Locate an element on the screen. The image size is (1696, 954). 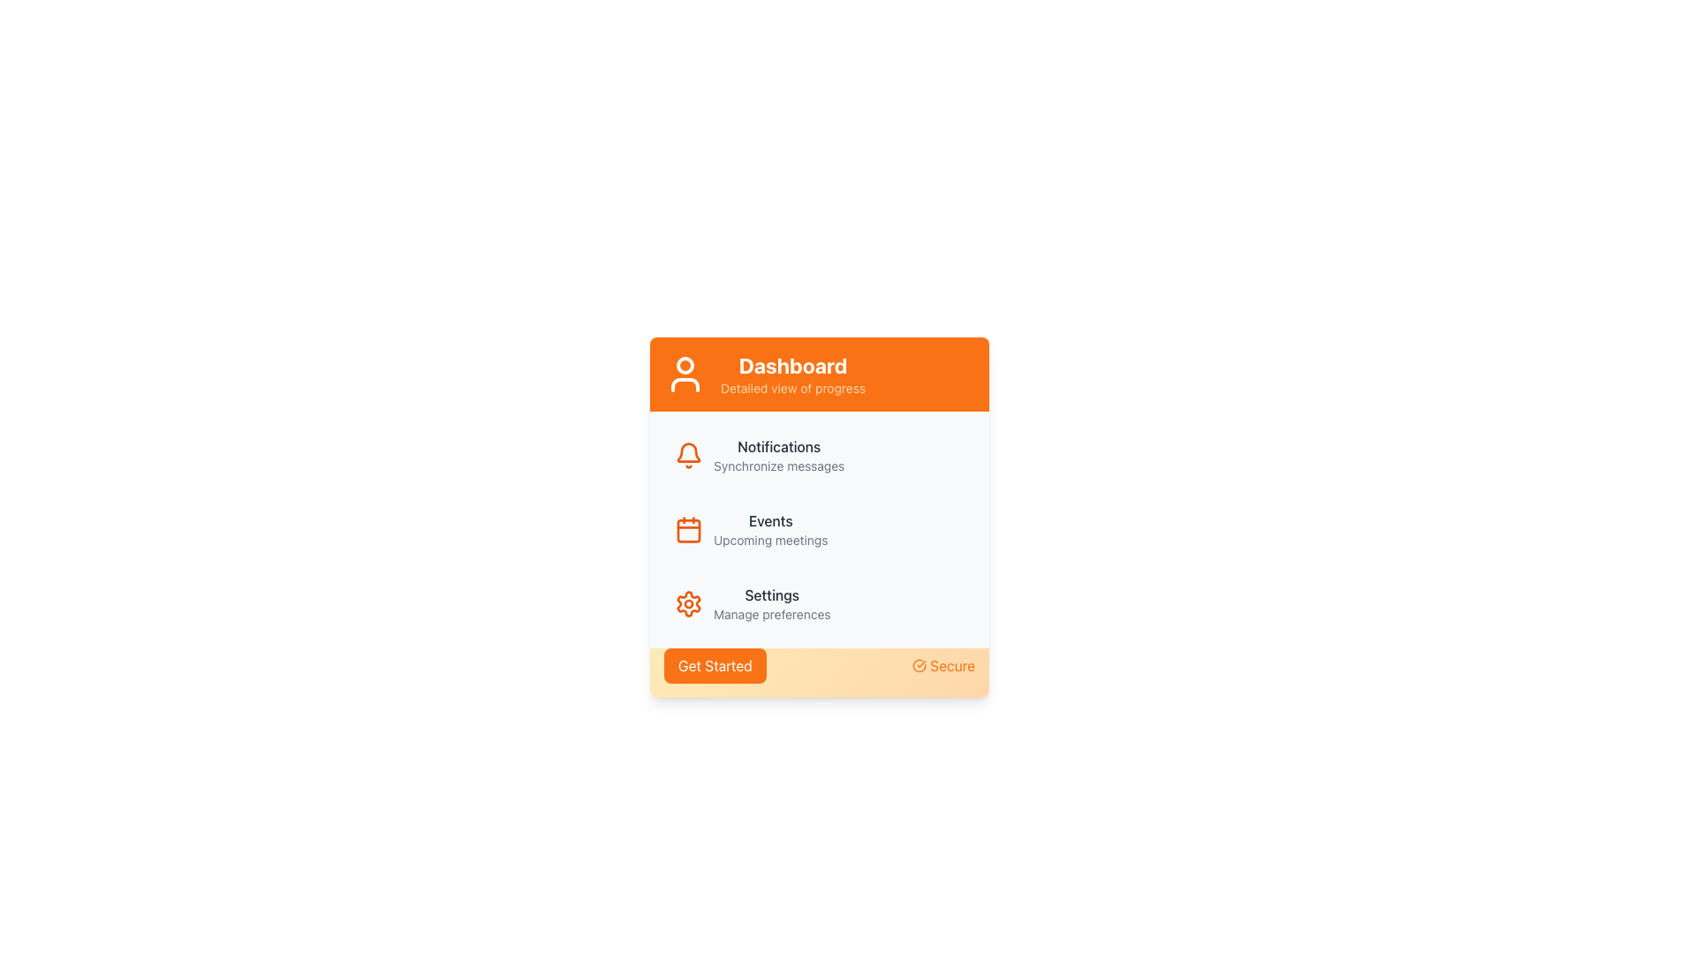
the Text Label indicating notifications and message synchronization, situated below the orange 'Dashboard' header and to the right of the bell icon is located at coordinates (778, 455).